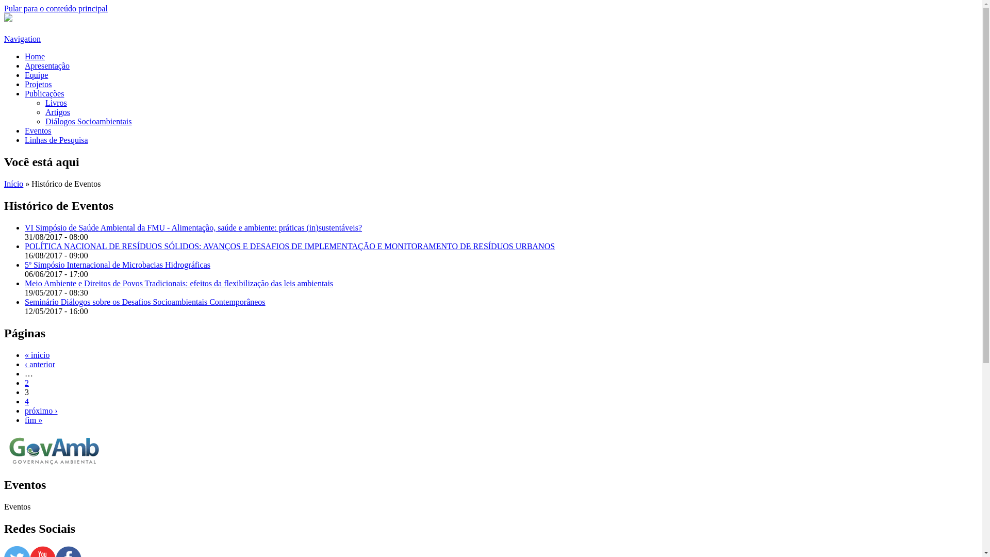  What do you see at coordinates (57, 112) in the screenshot?
I see `'Artigos'` at bounding box center [57, 112].